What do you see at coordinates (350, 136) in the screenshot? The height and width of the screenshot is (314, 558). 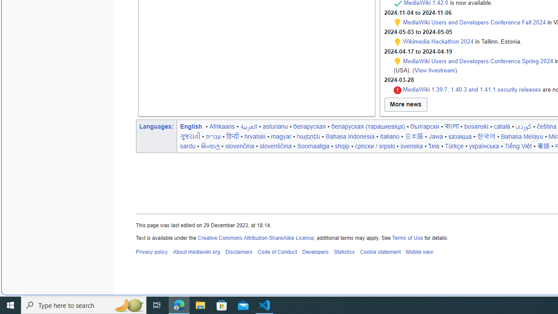 I see `'Bahasa Indonesia'` at bounding box center [350, 136].